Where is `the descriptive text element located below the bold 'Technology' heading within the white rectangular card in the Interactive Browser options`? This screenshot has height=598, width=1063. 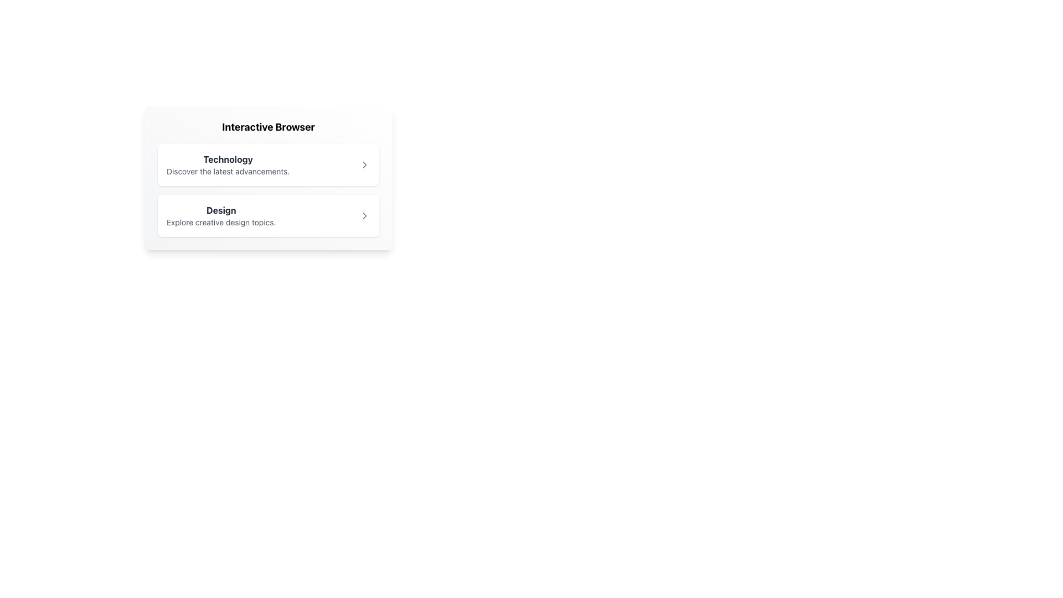 the descriptive text element located below the bold 'Technology' heading within the white rectangular card in the Interactive Browser options is located at coordinates (228, 171).